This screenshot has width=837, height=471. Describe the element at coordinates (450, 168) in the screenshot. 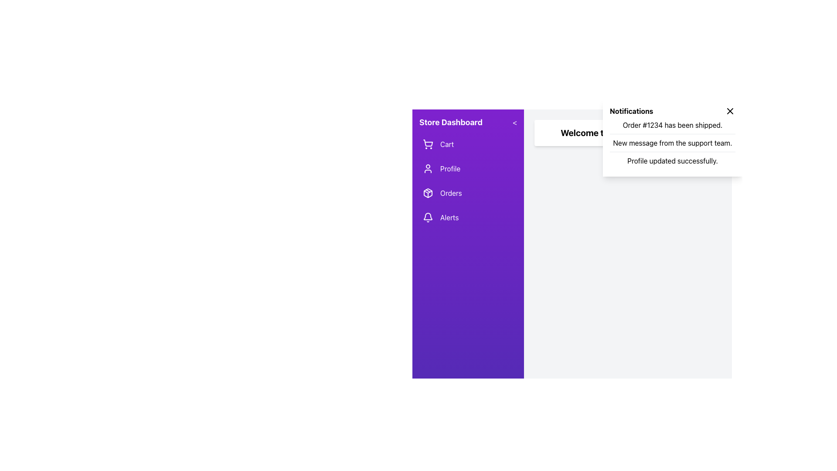

I see `the 'Profile' text label in the vertical navigation menu` at that location.